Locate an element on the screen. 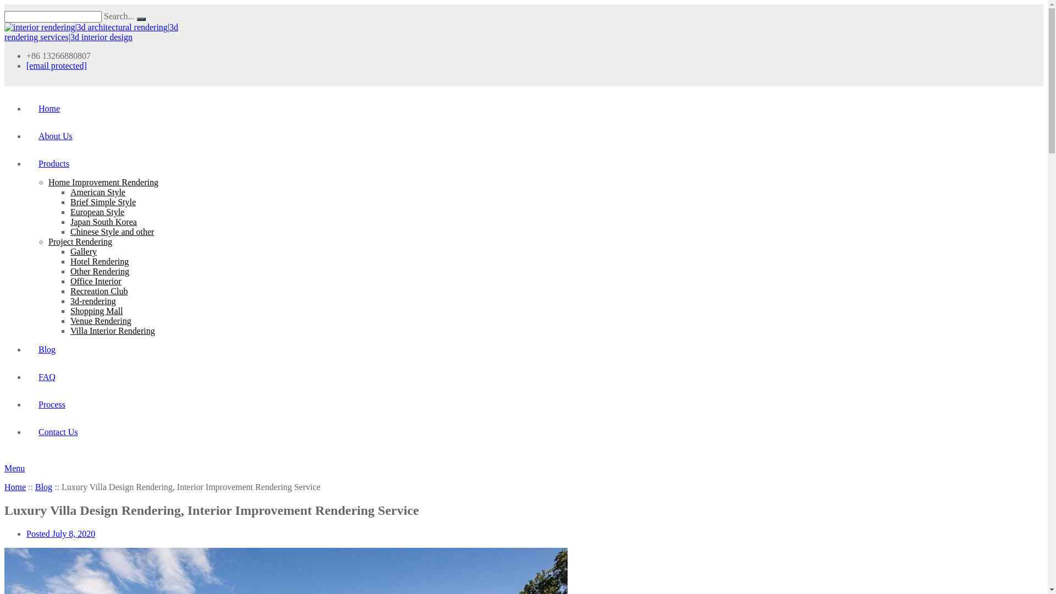 The image size is (1056, 594). 'Japan South Korea' is located at coordinates (103, 222).